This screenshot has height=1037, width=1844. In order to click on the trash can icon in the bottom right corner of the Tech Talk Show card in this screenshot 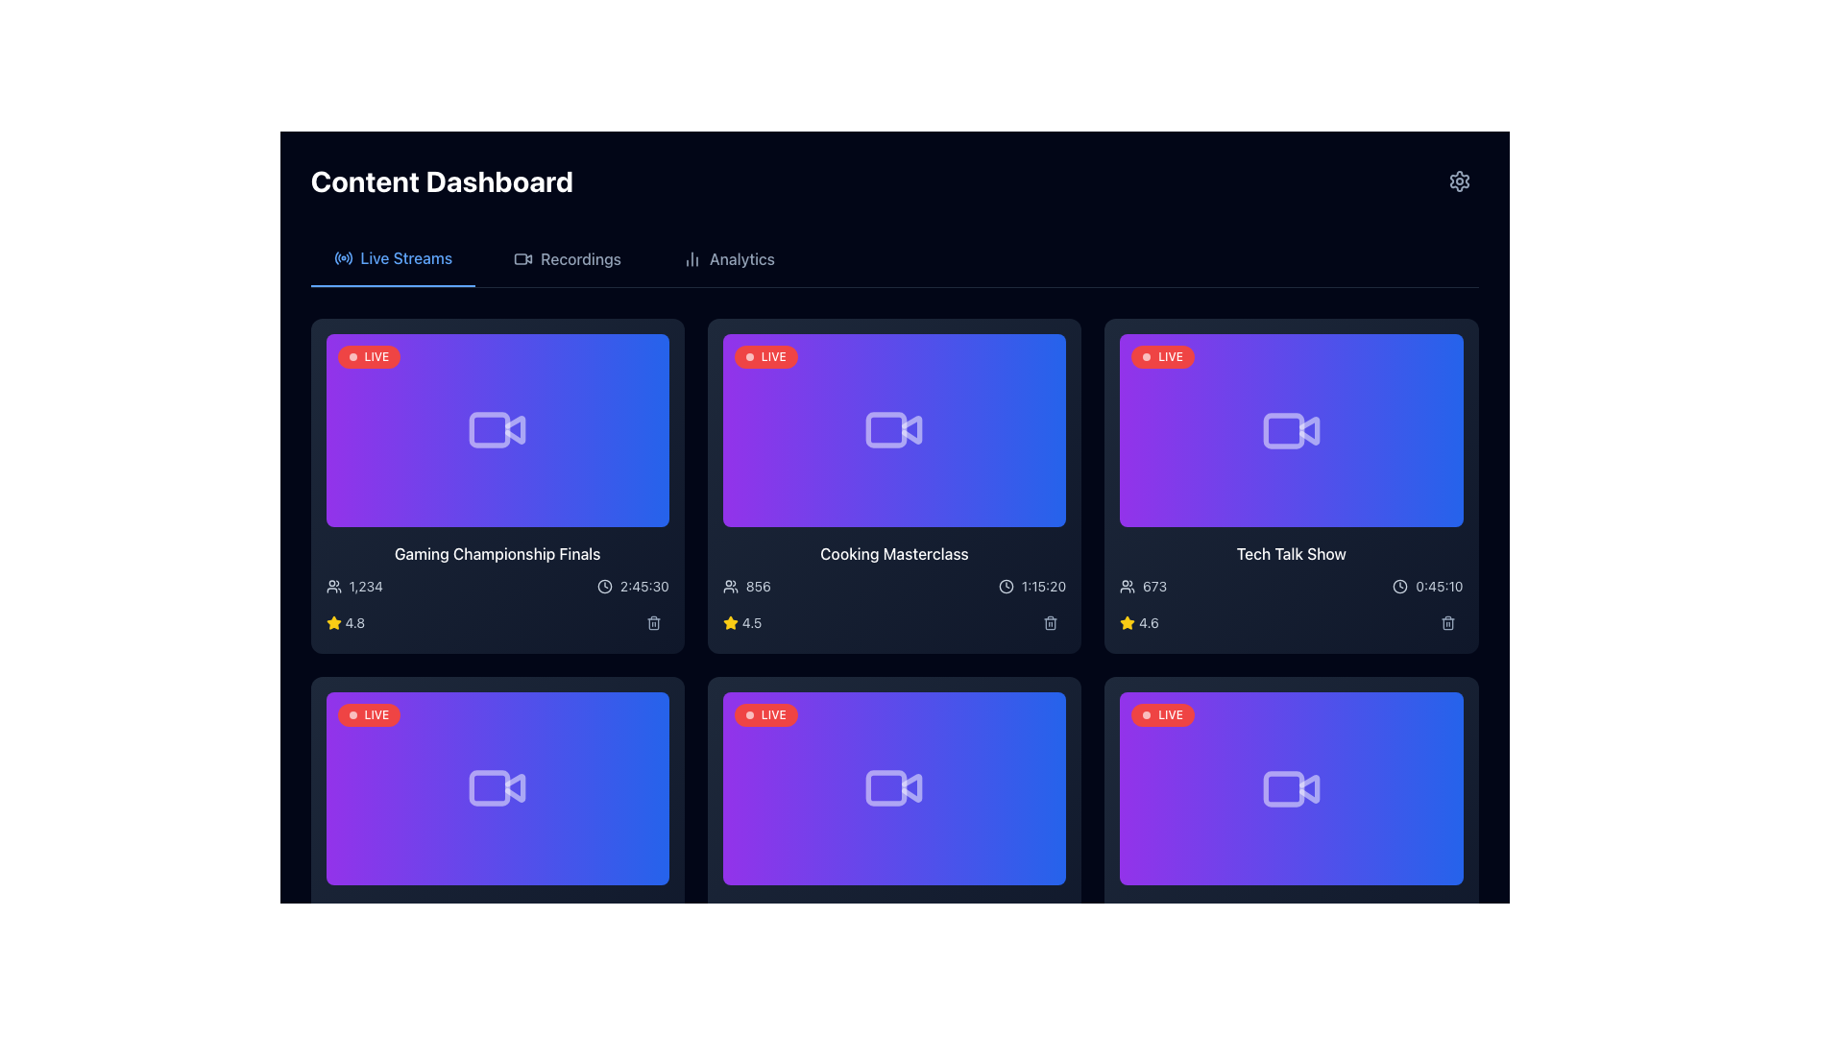, I will do `click(1447, 622)`.